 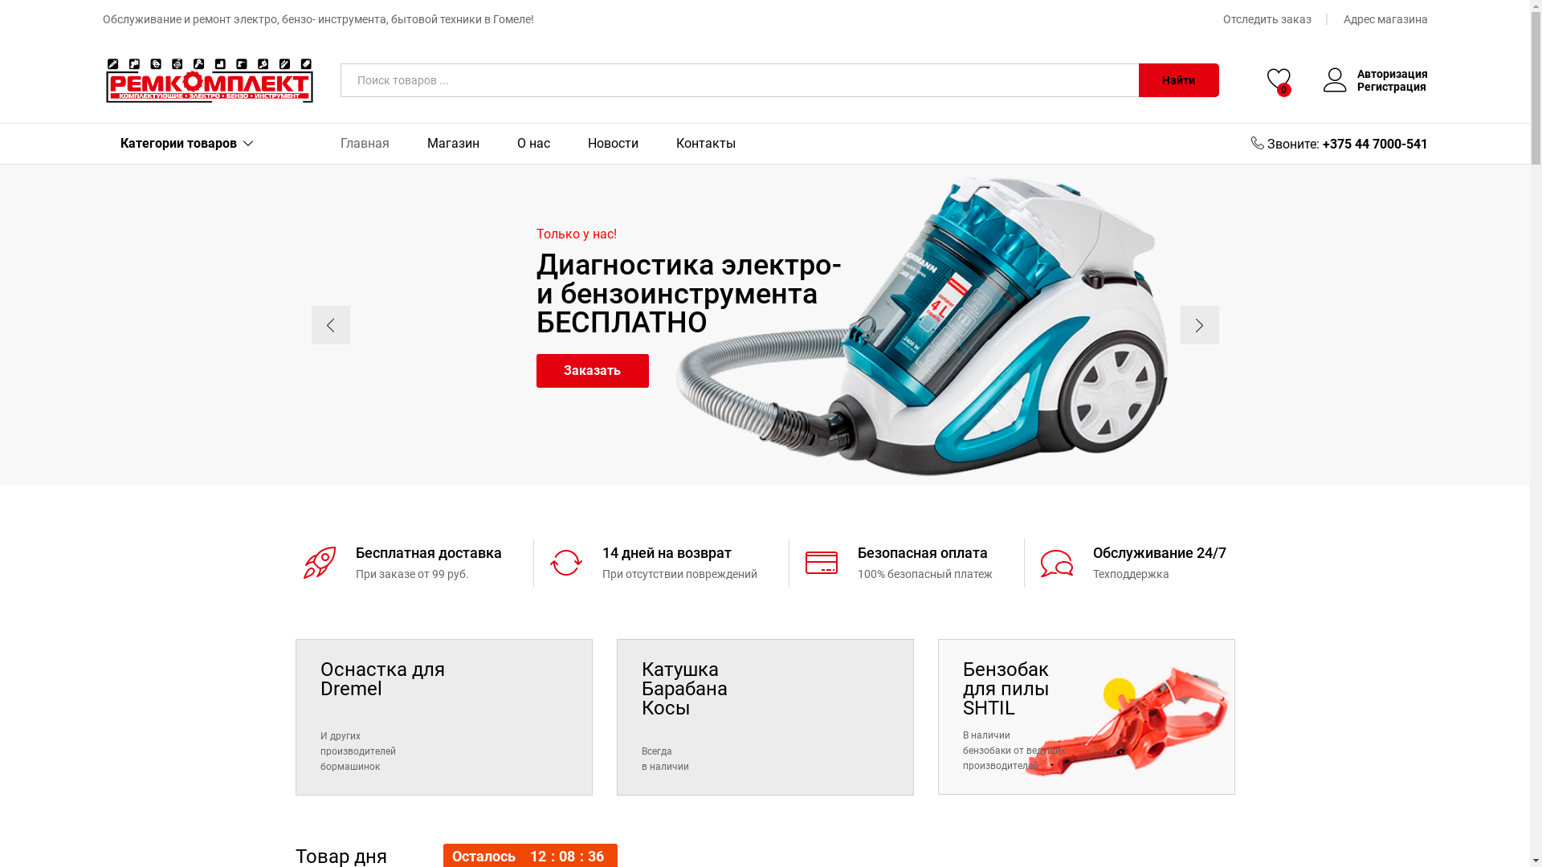 What do you see at coordinates (1279, 80) in the screenshot?
I see `'0'` at bounding box center [1279, 80].